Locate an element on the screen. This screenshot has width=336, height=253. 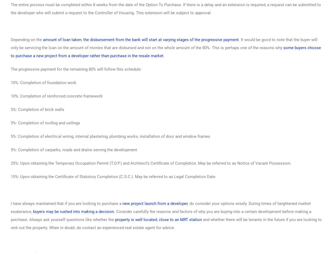
'10%: Completion of reinforced concrete framework' is located at coordinates (11, 96).